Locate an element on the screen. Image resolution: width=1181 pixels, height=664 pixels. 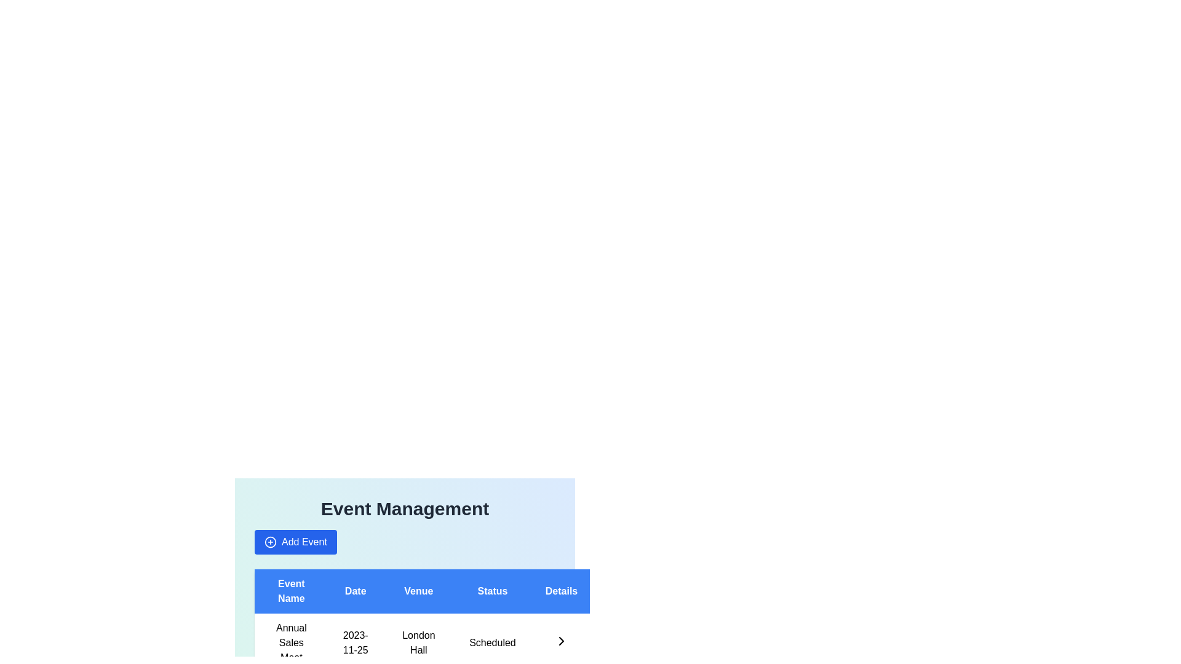
the 'Add Event' button, which is a rectangular button with rounded corners, a blue background, and white text, located below the heading 'Event Management.' is located at coordinates (295, 542).